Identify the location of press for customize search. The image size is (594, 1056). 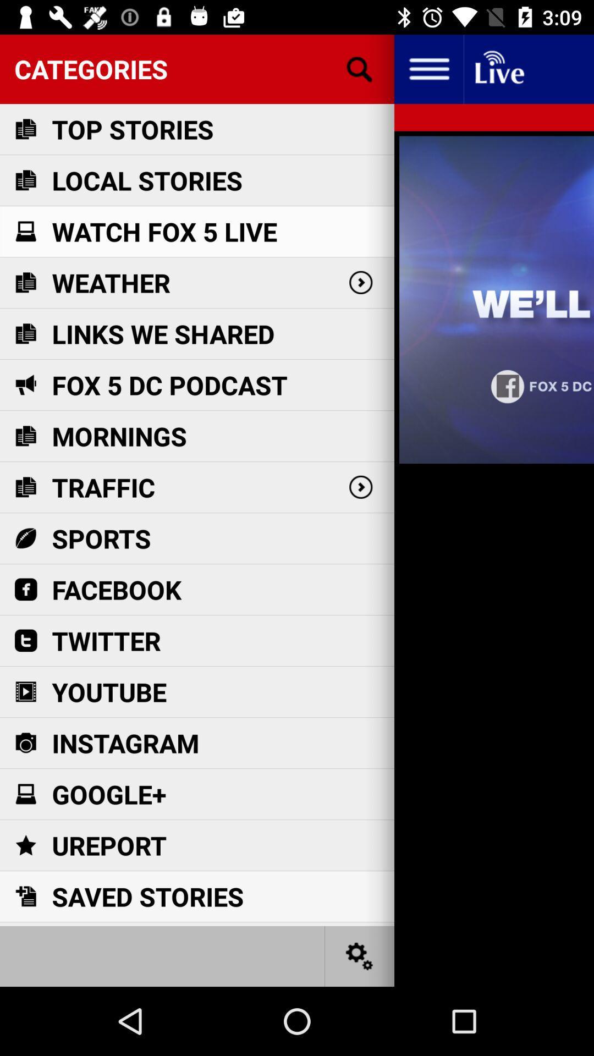
(360, 68).